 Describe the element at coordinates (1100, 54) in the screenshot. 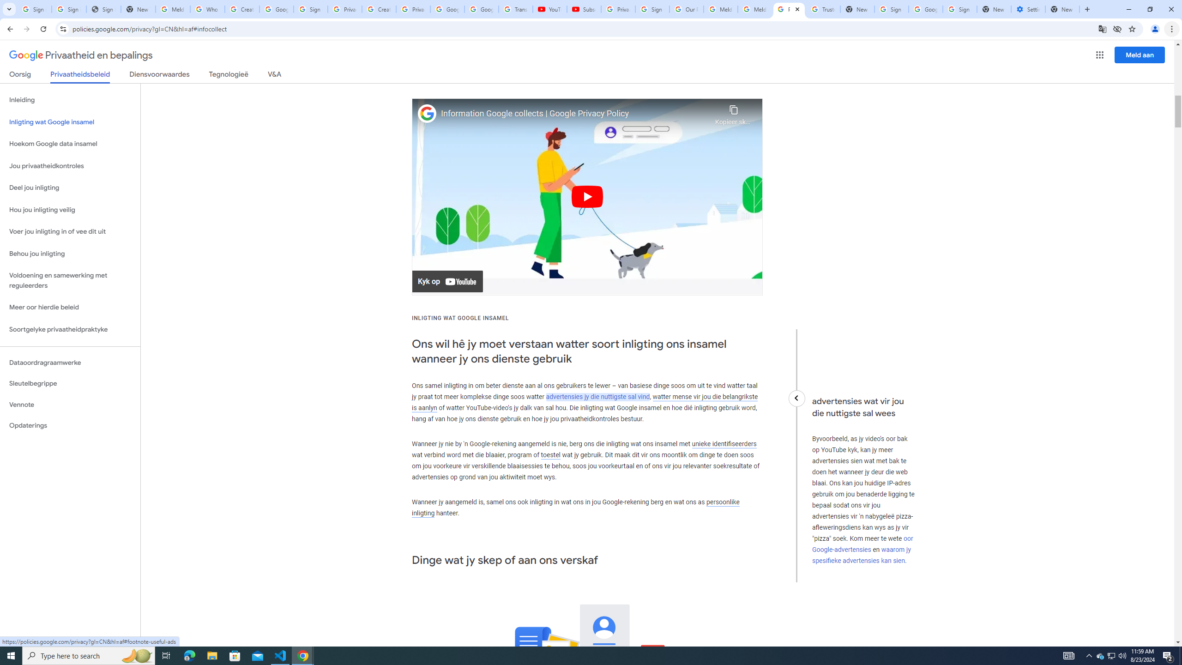

I see `'Google-programme'` at that location.